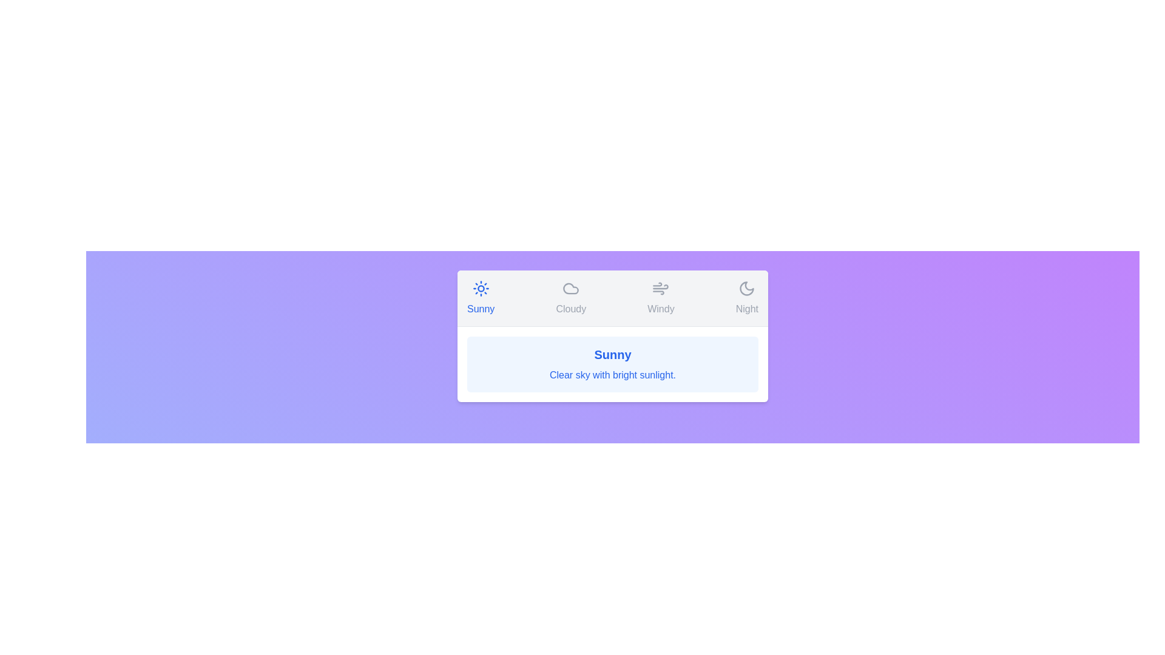 This screenshot has height=655, width=1165. Describe the element at coordinates (480, 298) in the screenshot. I see `the Sunny tab to switch to the corresponding weather condition` at that location.